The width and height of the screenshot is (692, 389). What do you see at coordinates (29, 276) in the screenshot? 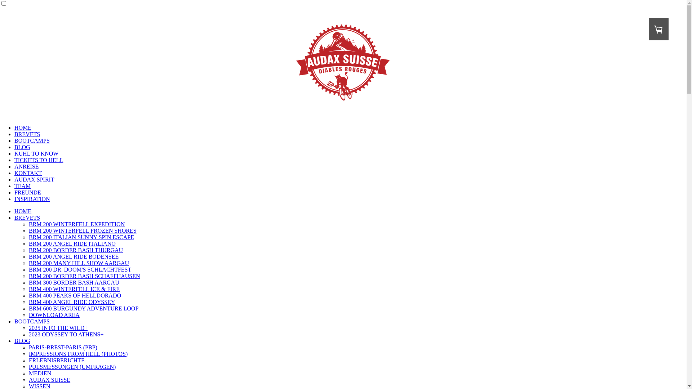
I see `'BRM 200 BORDER BASH SCHAFFHAUSEN'` at bounding box center [29, 276].